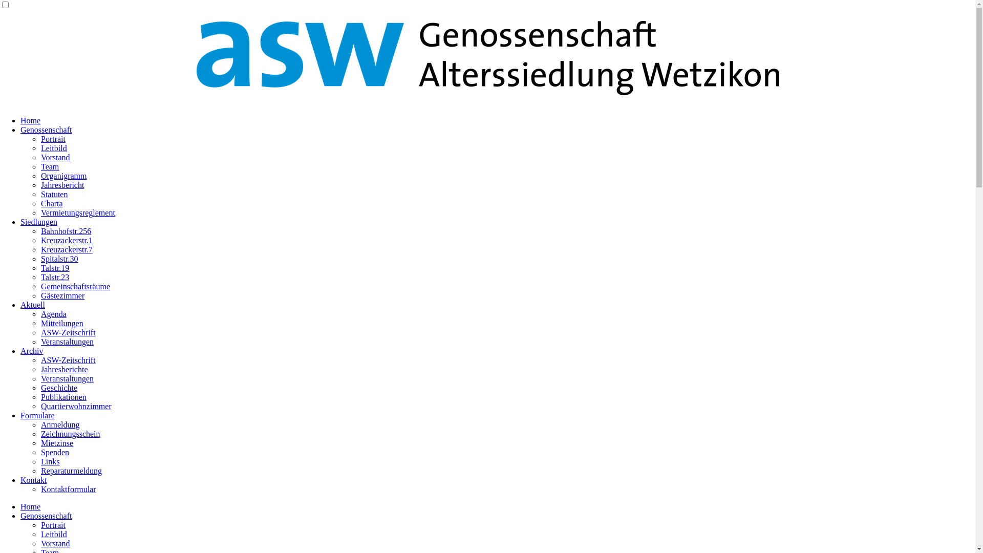 The image size is (983, 553). What do you see at coordinates (75, 406) in the screenshot?
I see `'Quartierwohnzimmer'` at bounding box center [75, 406].